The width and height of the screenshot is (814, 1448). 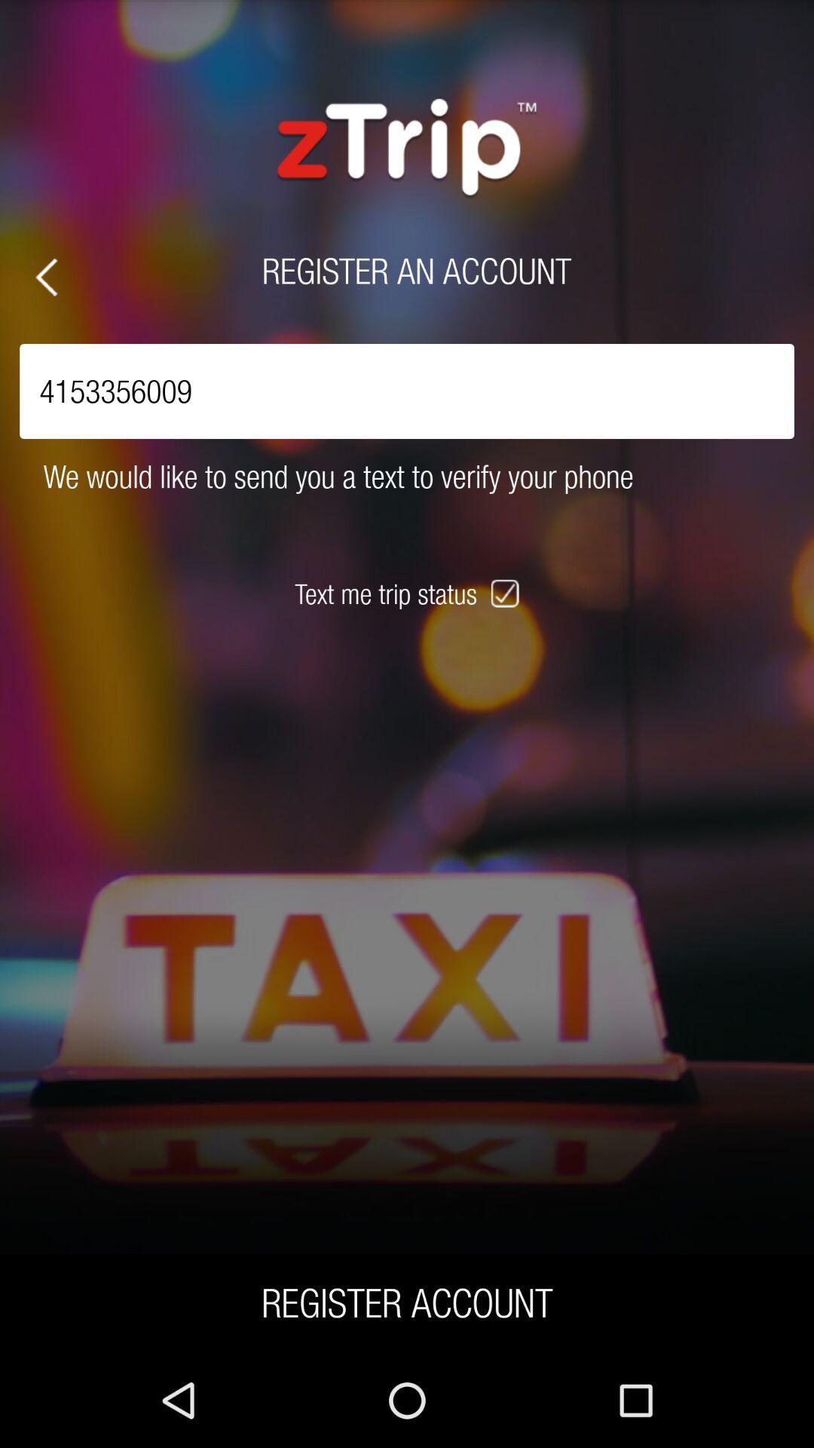 I want to click on the icon to the right of the text me trip item, so click(x=506, y=593).